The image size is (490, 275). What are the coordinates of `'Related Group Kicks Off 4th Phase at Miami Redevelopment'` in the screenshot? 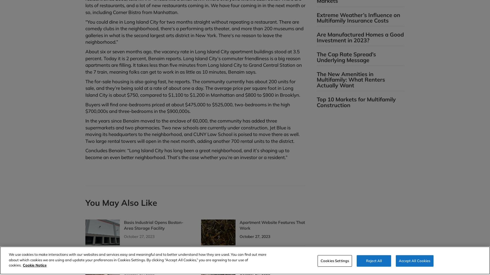 It's located at (270, 262).